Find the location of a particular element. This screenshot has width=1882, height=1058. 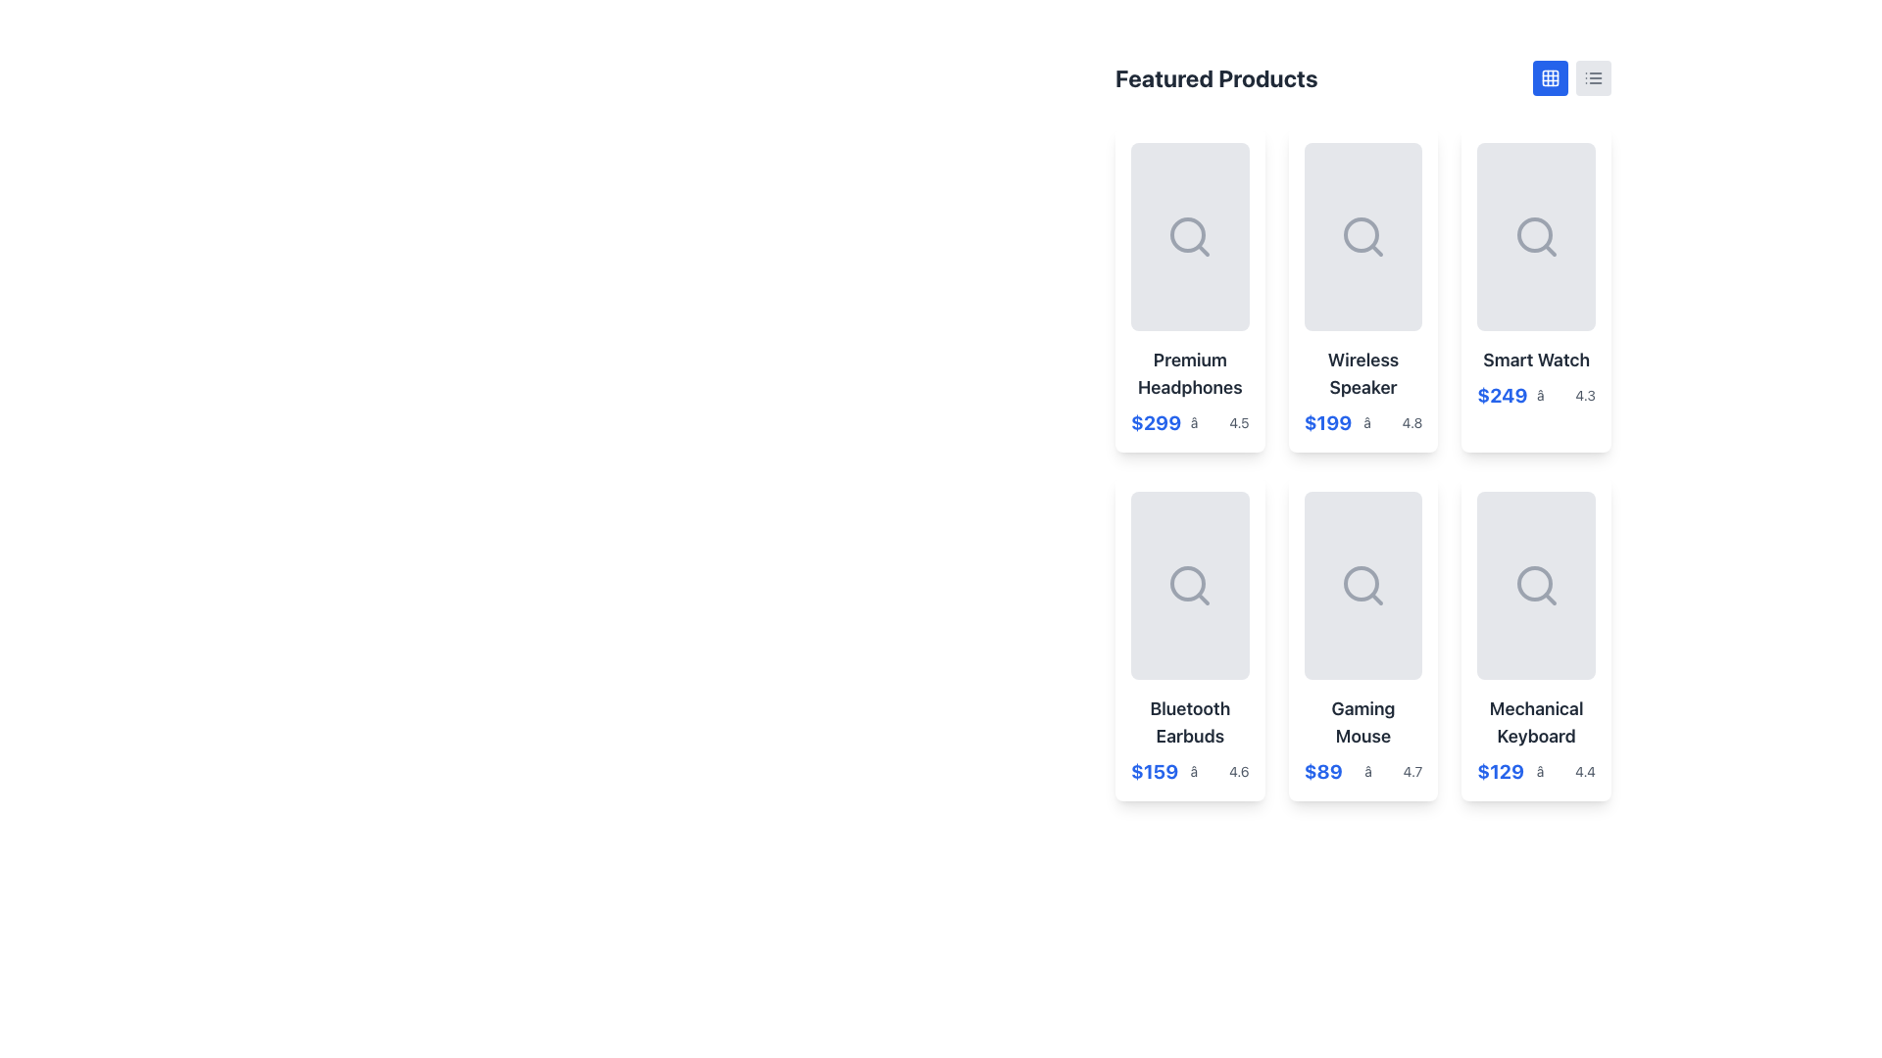

the informational label displaying the price and rating for the 'Wireless Speaker' product, which is located below the product title in the second card of the top row is located at coordinates (1362, 422).